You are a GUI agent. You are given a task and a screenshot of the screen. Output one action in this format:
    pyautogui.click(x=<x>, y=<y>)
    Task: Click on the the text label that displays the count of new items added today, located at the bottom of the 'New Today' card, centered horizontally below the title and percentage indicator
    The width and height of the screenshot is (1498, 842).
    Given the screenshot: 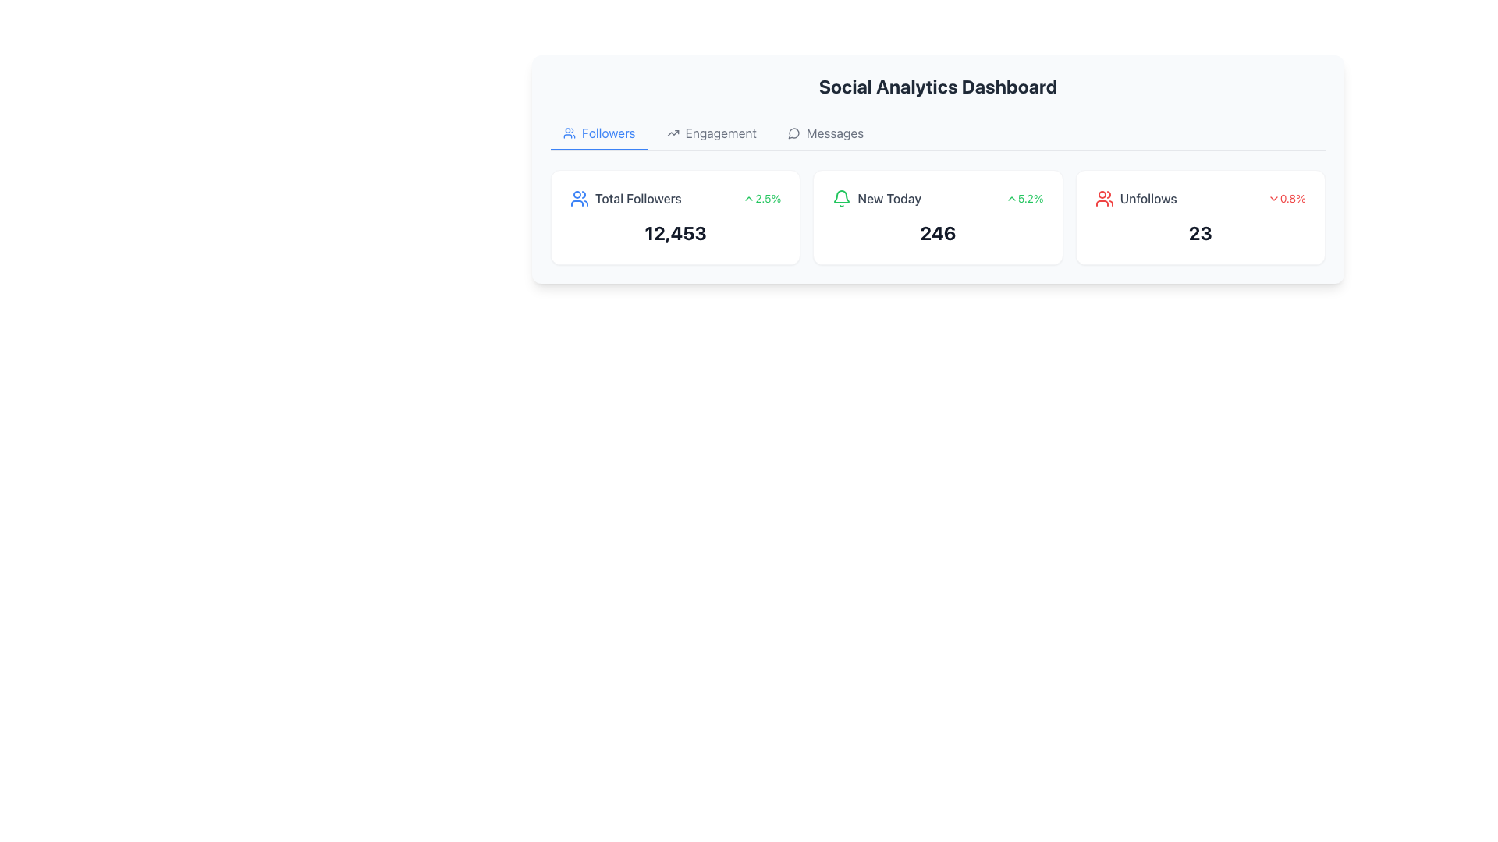 What is the action you would take?
    pyautogui.click(x=937, y=233)
    